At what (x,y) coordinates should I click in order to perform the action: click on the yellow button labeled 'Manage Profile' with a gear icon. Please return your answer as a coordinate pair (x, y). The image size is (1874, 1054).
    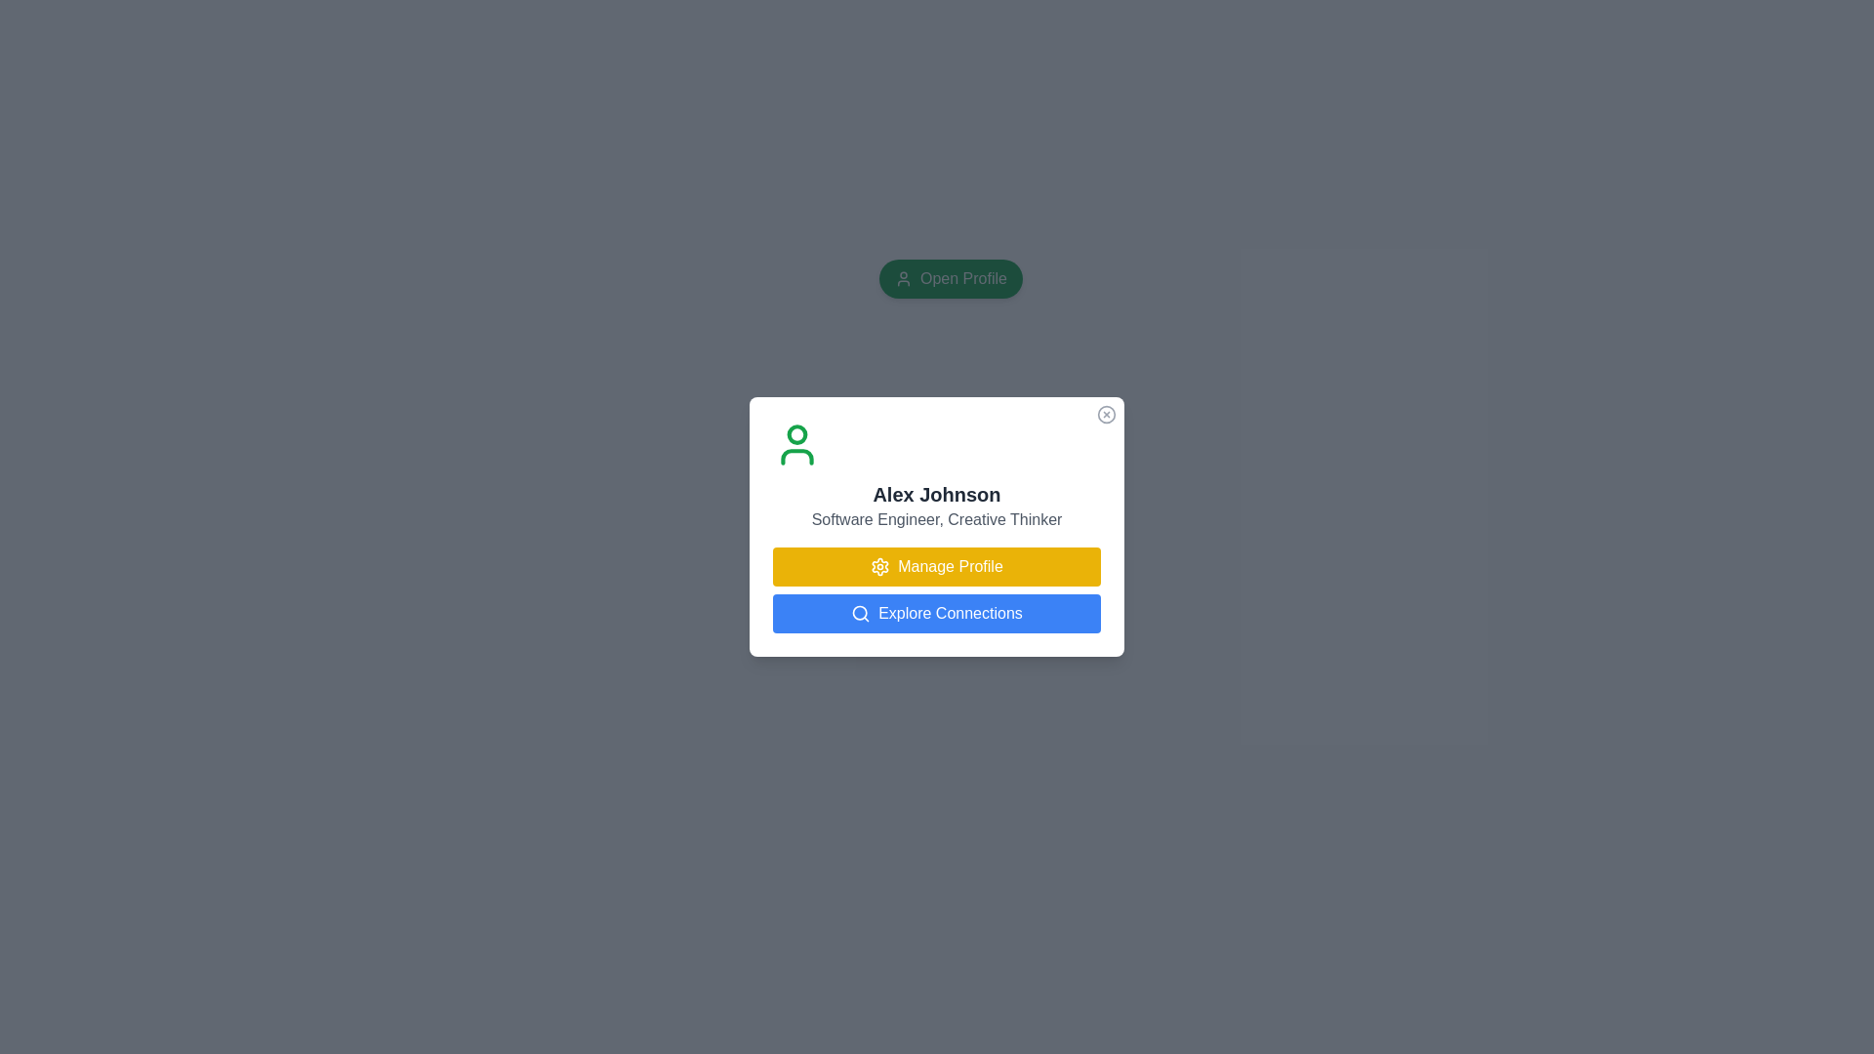
    Looking at the image, I should click on (937, 567).